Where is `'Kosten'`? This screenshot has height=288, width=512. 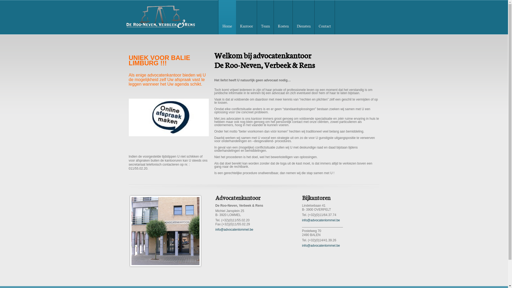 'Kosten' is located at coordinates (274, 17).